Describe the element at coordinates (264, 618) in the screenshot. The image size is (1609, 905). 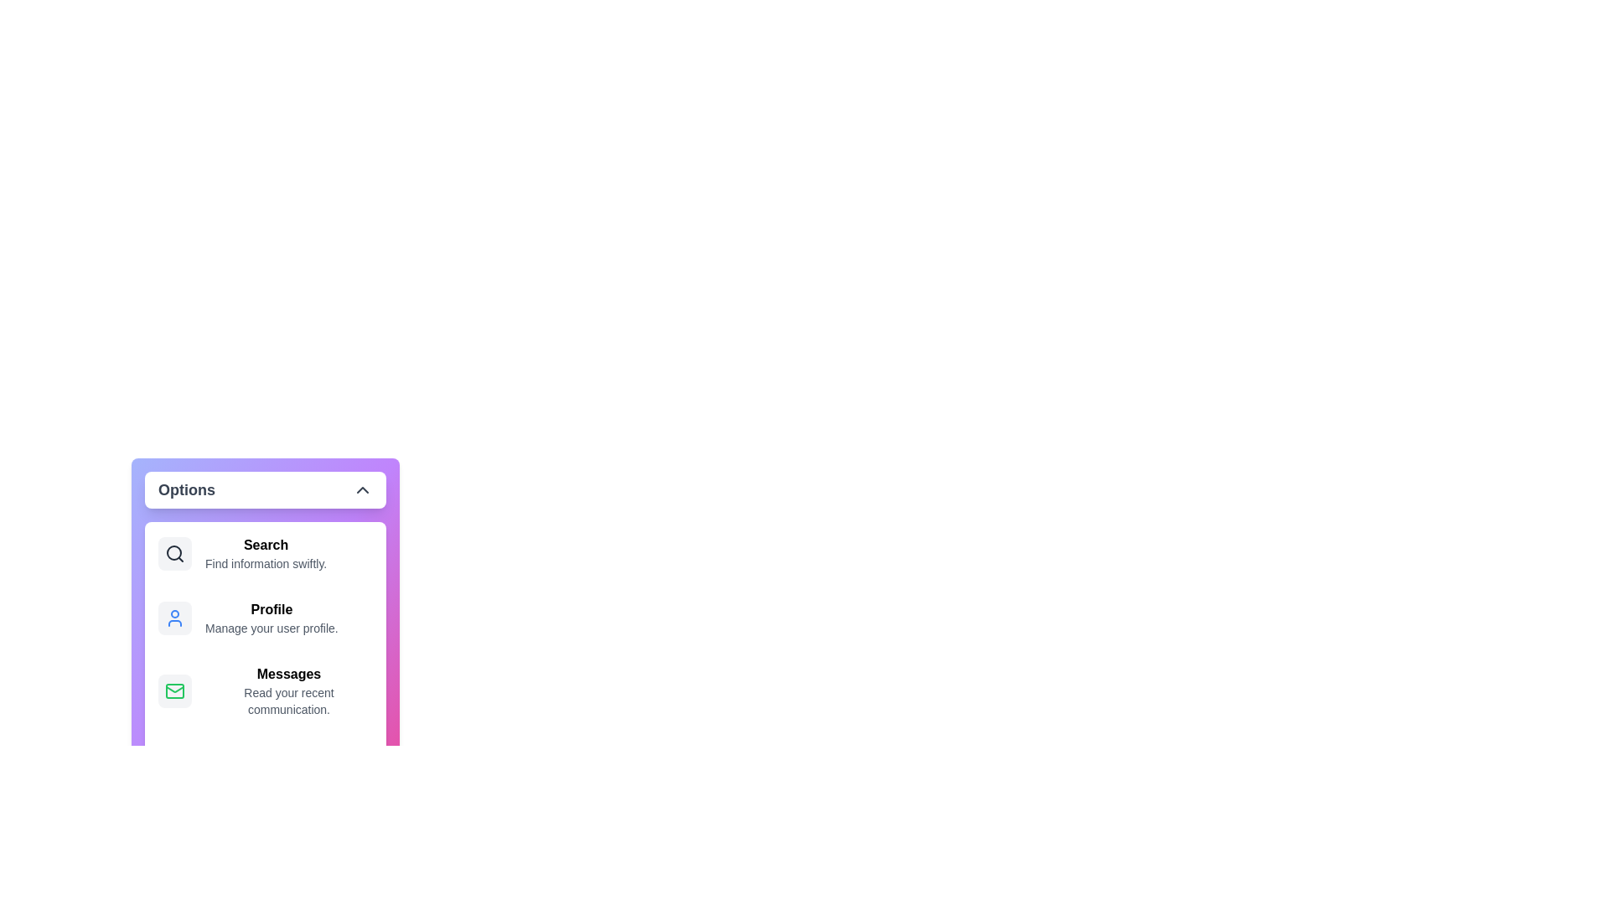
I see `the menu item Profile` at that location.